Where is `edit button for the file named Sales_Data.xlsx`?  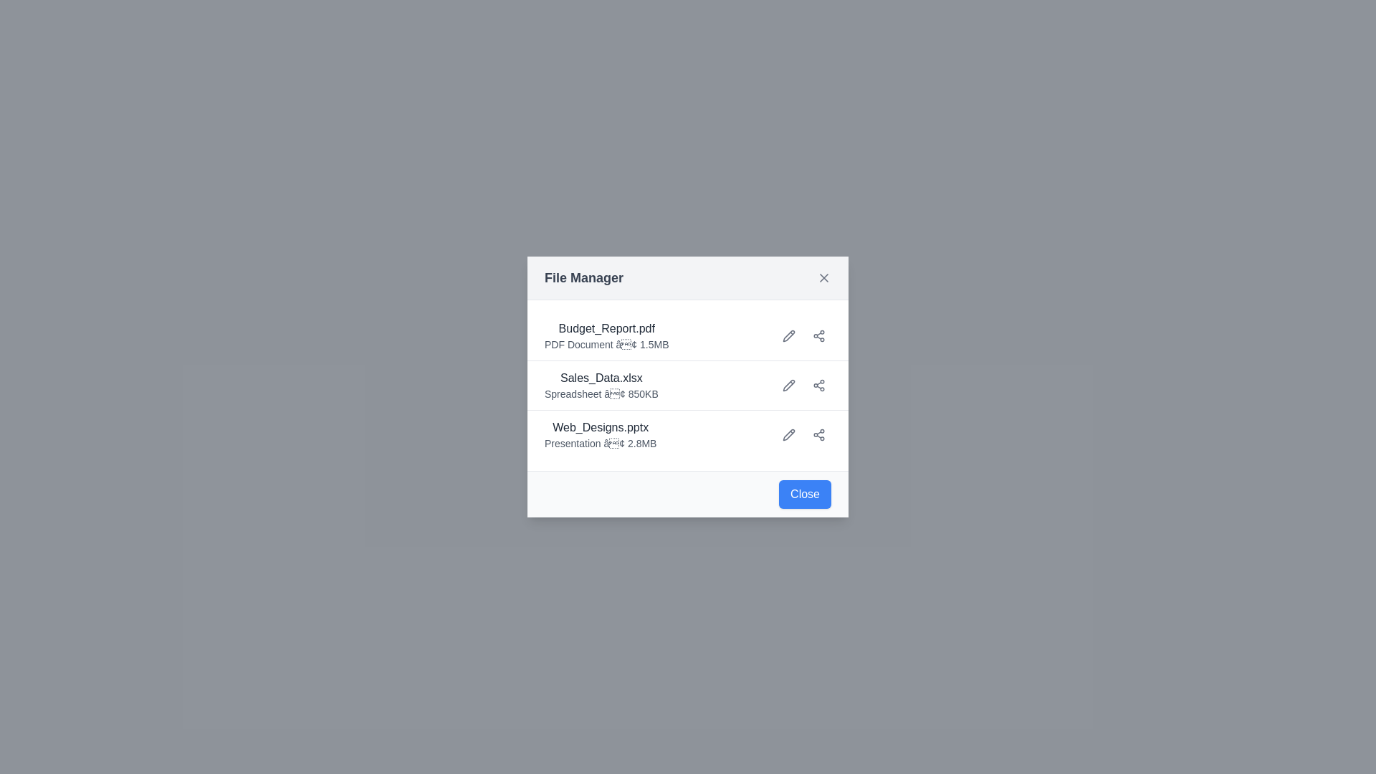 edit button for the file named Sales_Data.xlsx is located at coordinates (788, 384).